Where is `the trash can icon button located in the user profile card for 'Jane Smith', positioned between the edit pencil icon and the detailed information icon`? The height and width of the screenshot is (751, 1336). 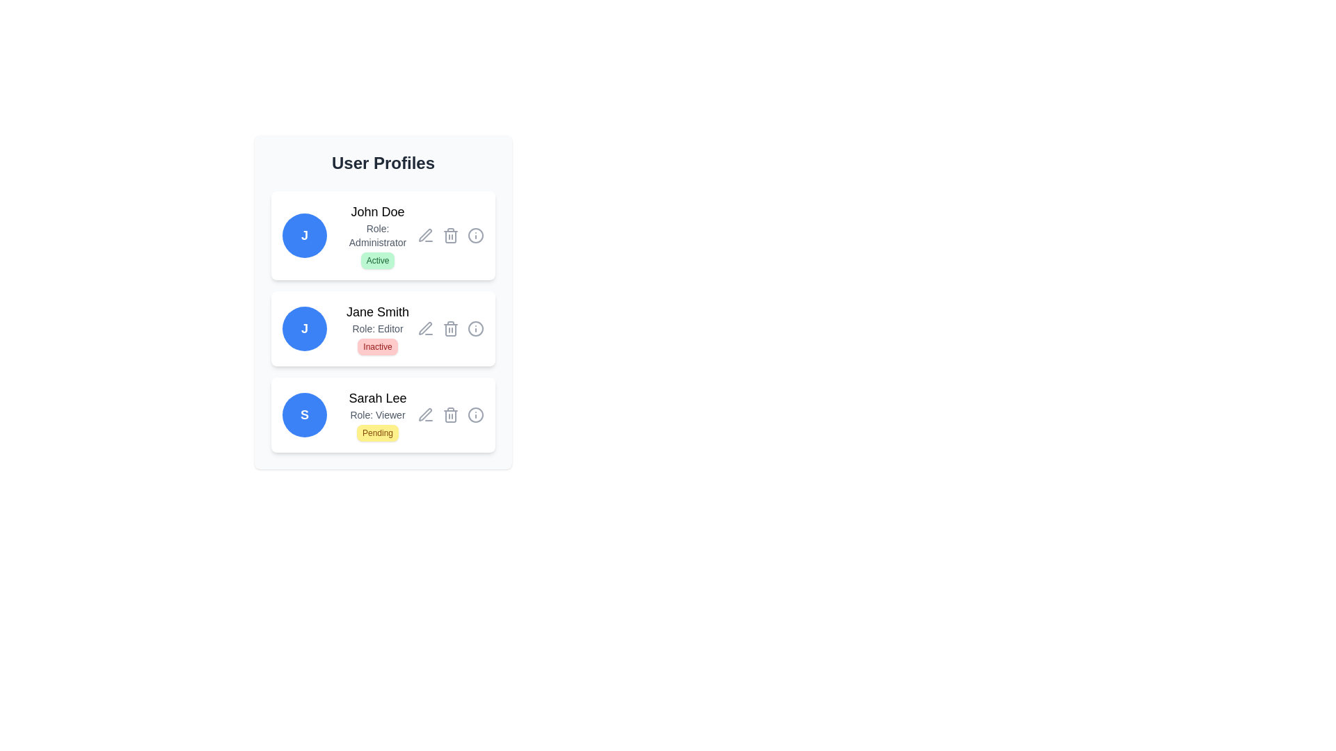
the trash can icon button located in the user profile card for 'Jane Smith', positioned between the edit pencil icon and the detailed information icon is located at coordinates (451, 329).